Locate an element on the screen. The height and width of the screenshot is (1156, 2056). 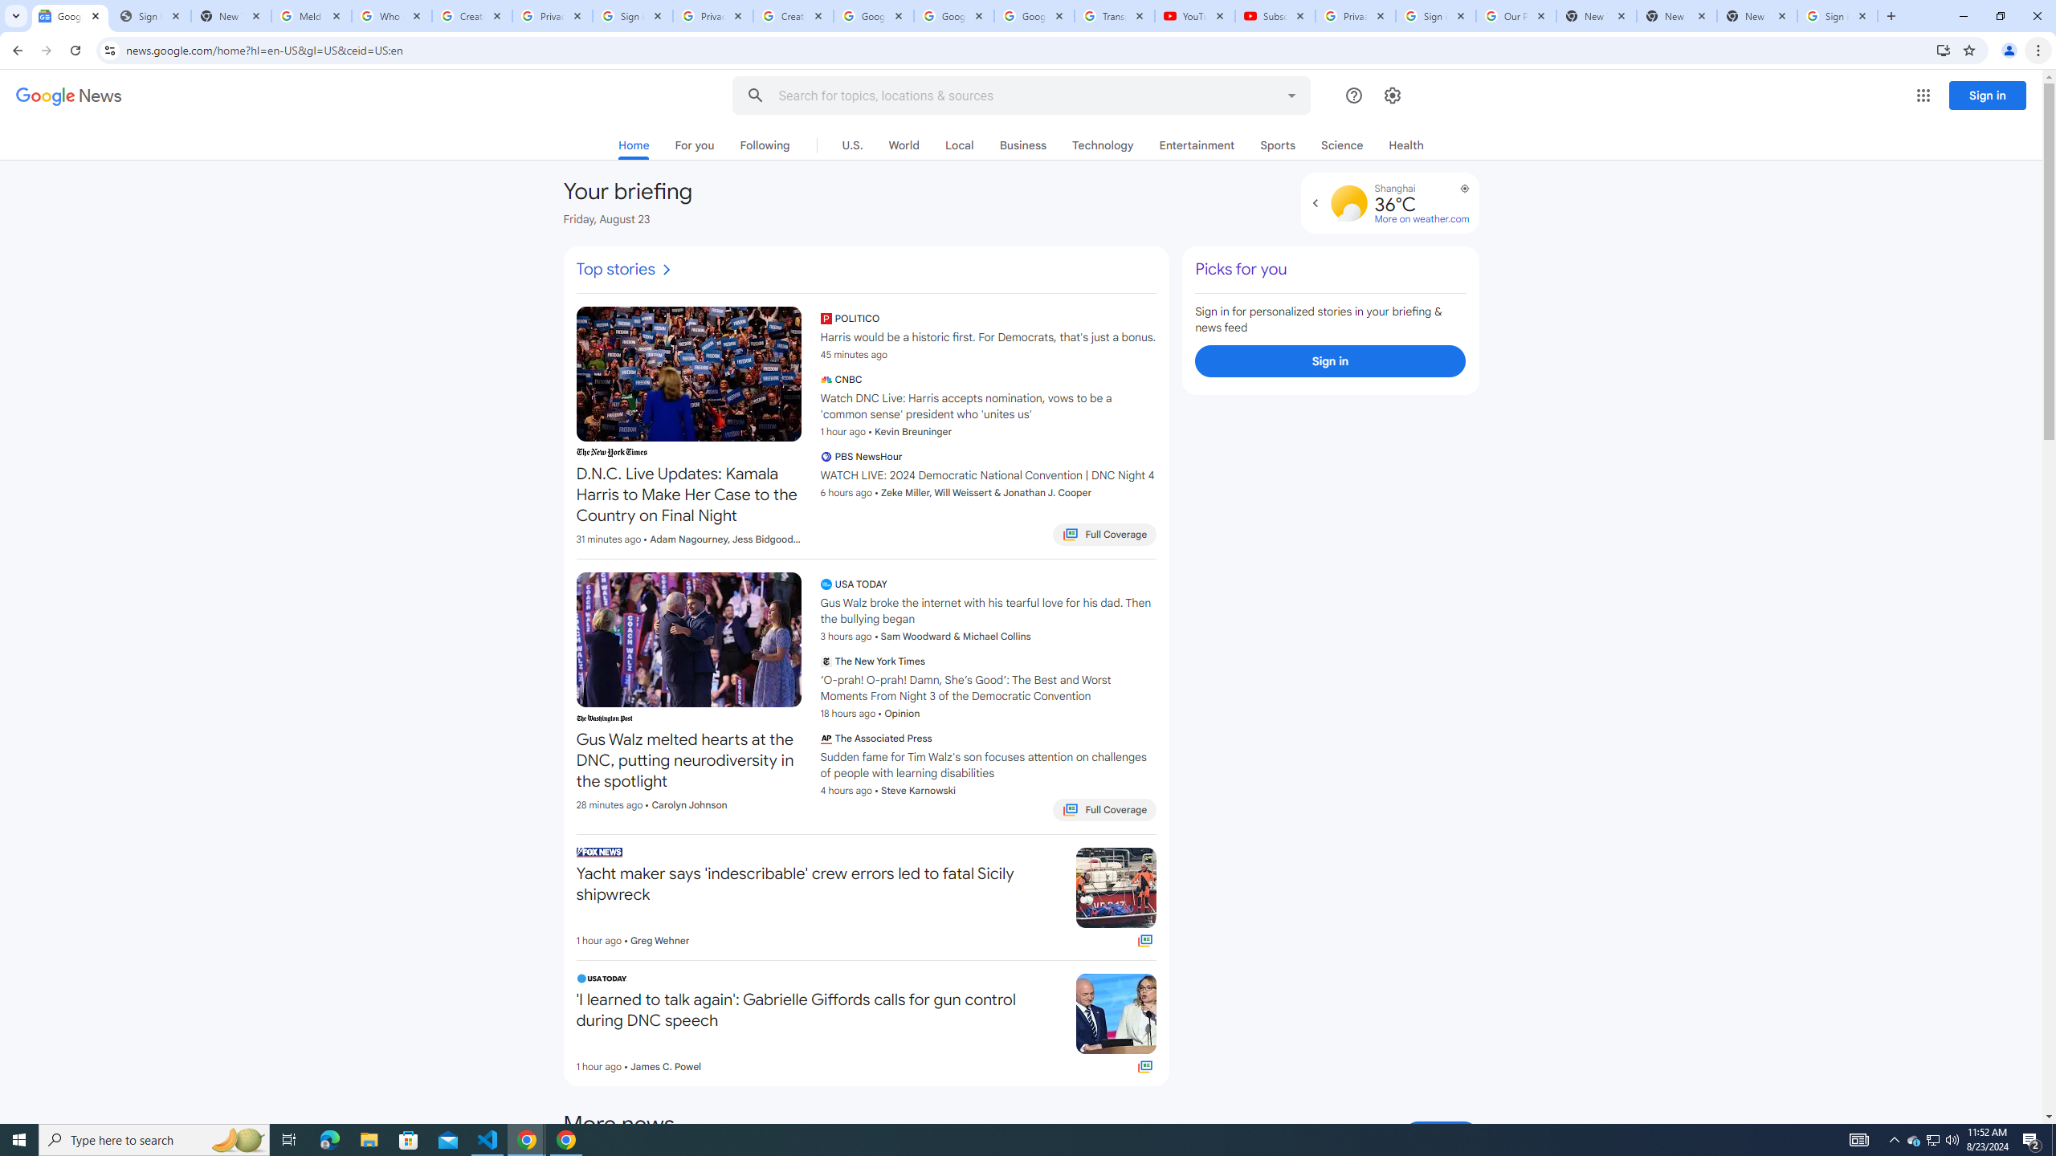
'Install Google News' is located at coordinates (1944, 49).